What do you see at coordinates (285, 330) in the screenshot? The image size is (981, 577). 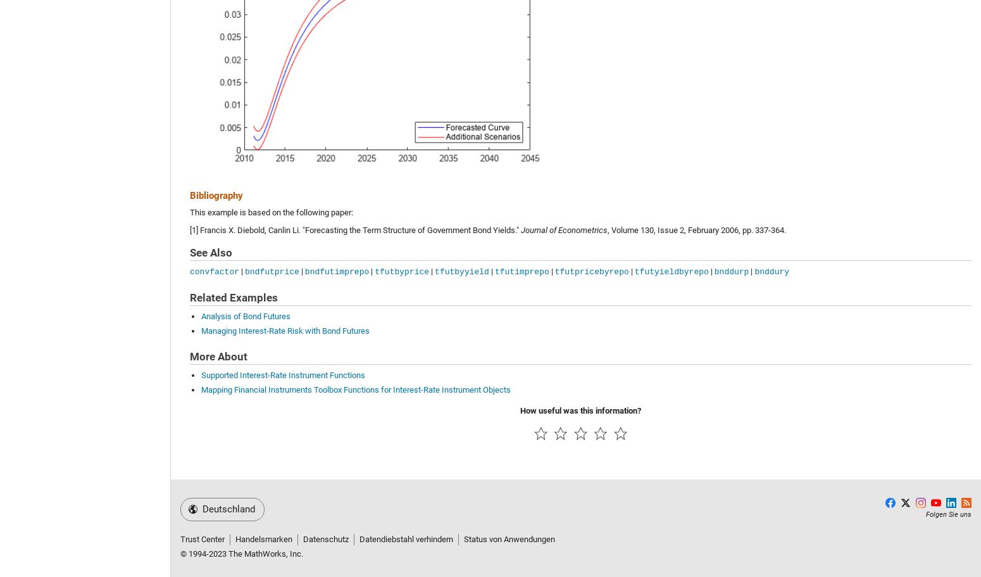 I see `'Managing Interest-Rate Risk with Bond Futures'` at bounding box center [285, 330].